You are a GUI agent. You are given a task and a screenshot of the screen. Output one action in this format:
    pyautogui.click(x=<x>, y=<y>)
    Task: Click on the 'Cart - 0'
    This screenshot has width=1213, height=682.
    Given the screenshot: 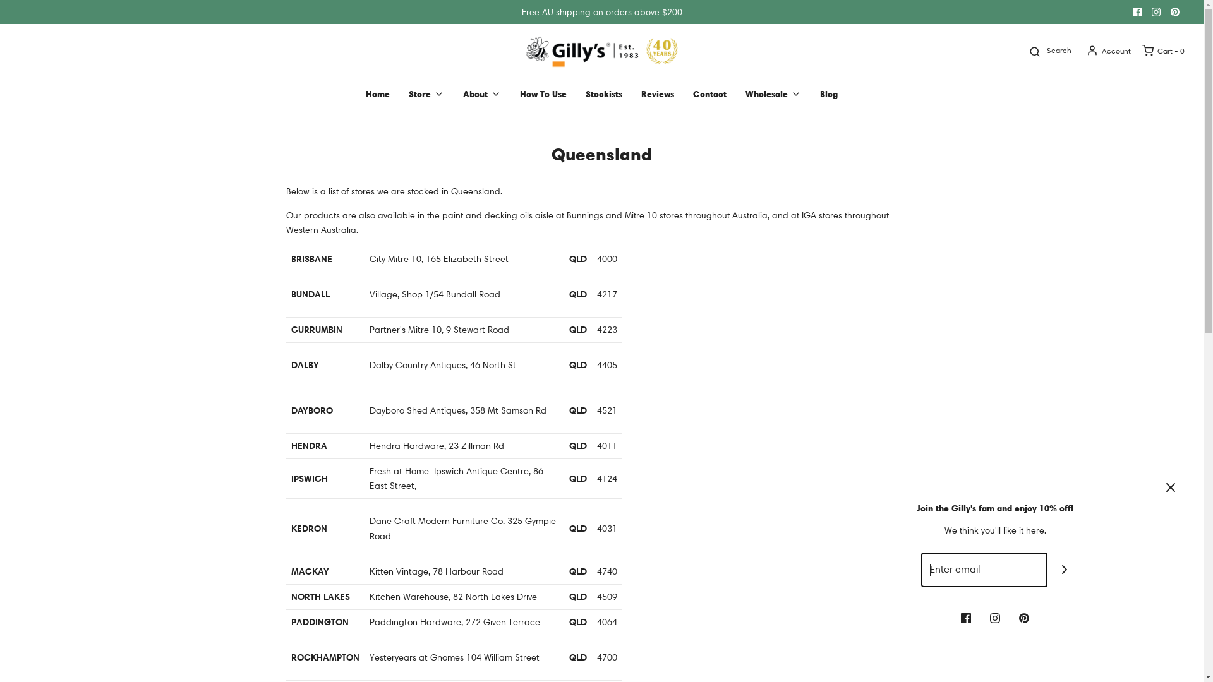 What is the action you would take?
    pyautogui.click(x=1162, y=50)
    